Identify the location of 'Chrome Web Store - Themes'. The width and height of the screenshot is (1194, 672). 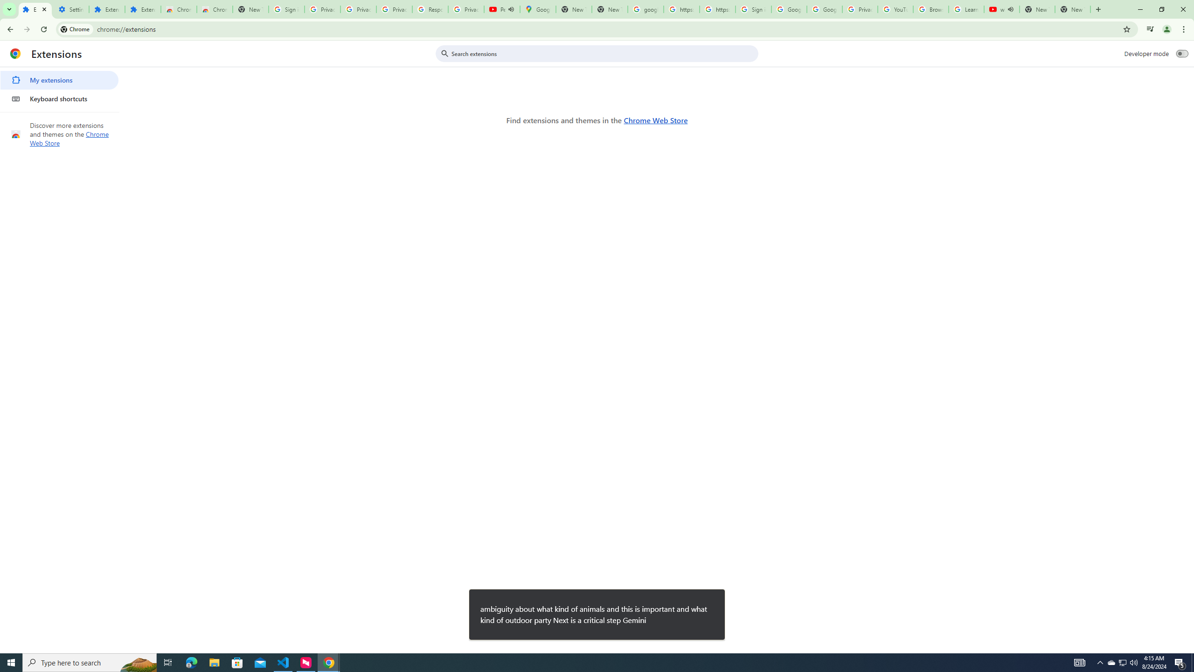
(214, 9).